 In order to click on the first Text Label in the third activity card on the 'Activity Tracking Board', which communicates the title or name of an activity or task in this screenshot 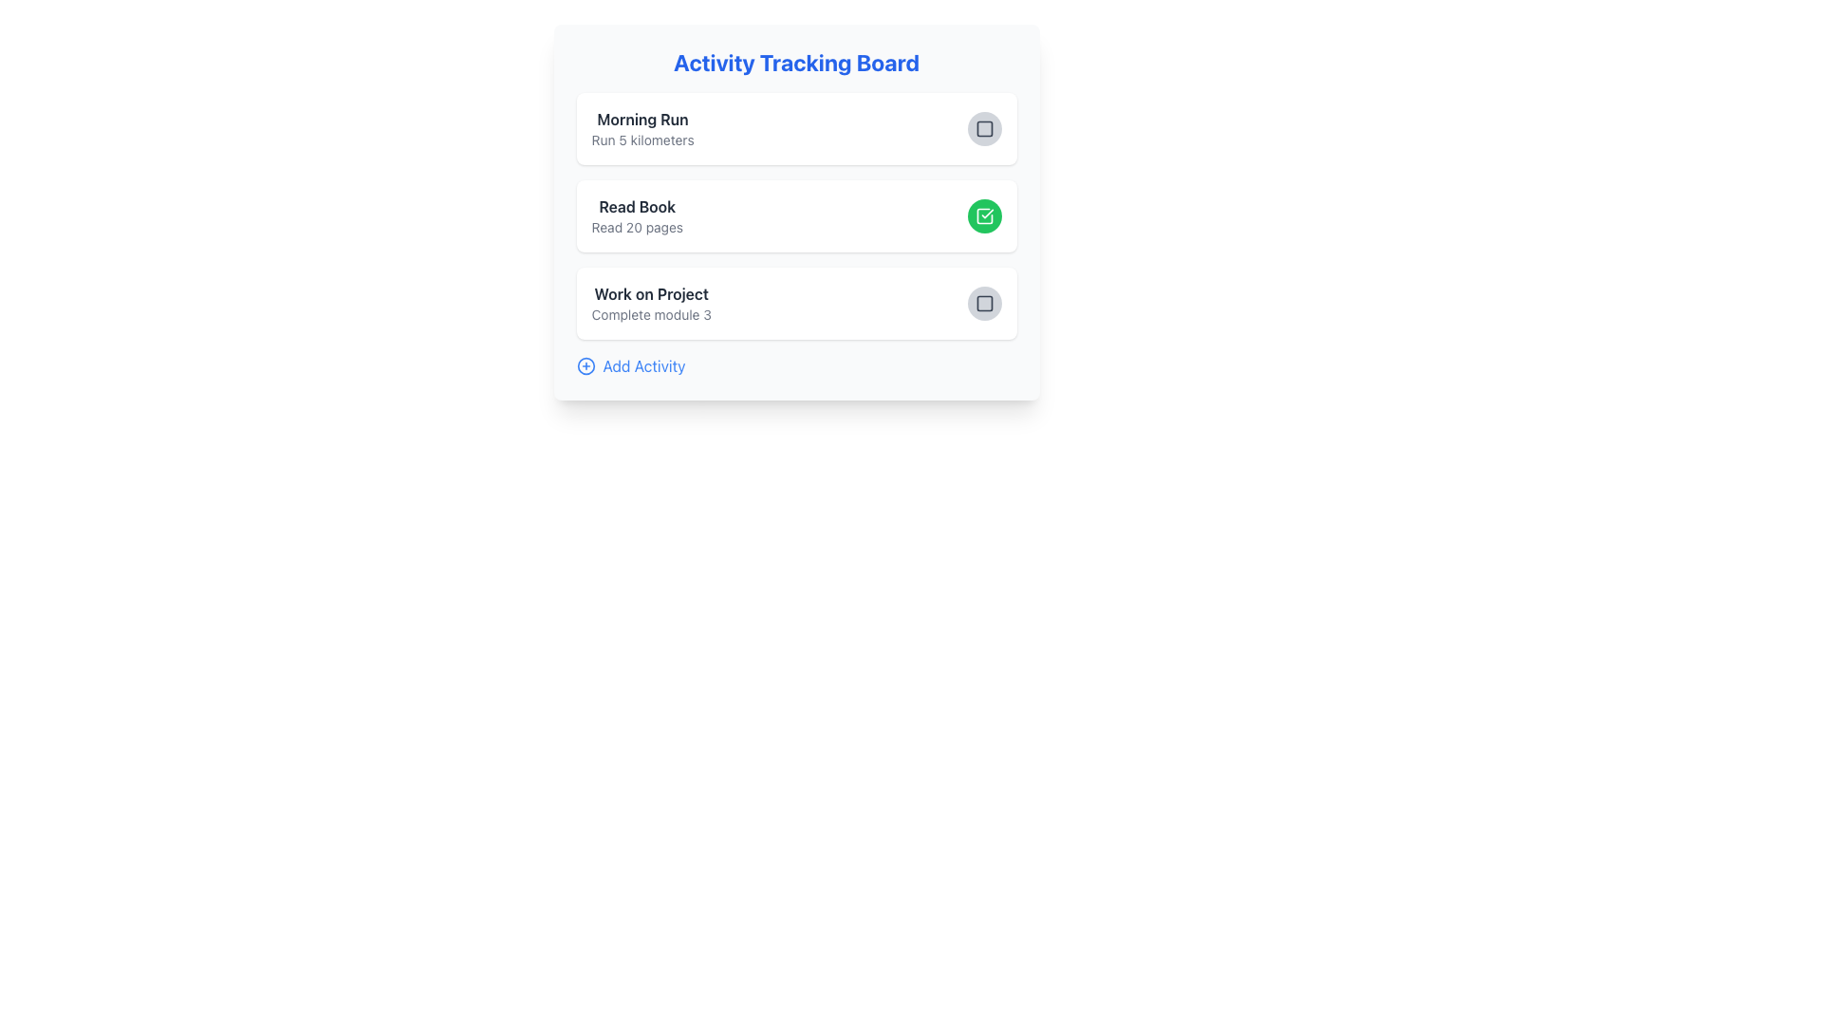, I will do `click(651, 293)`.